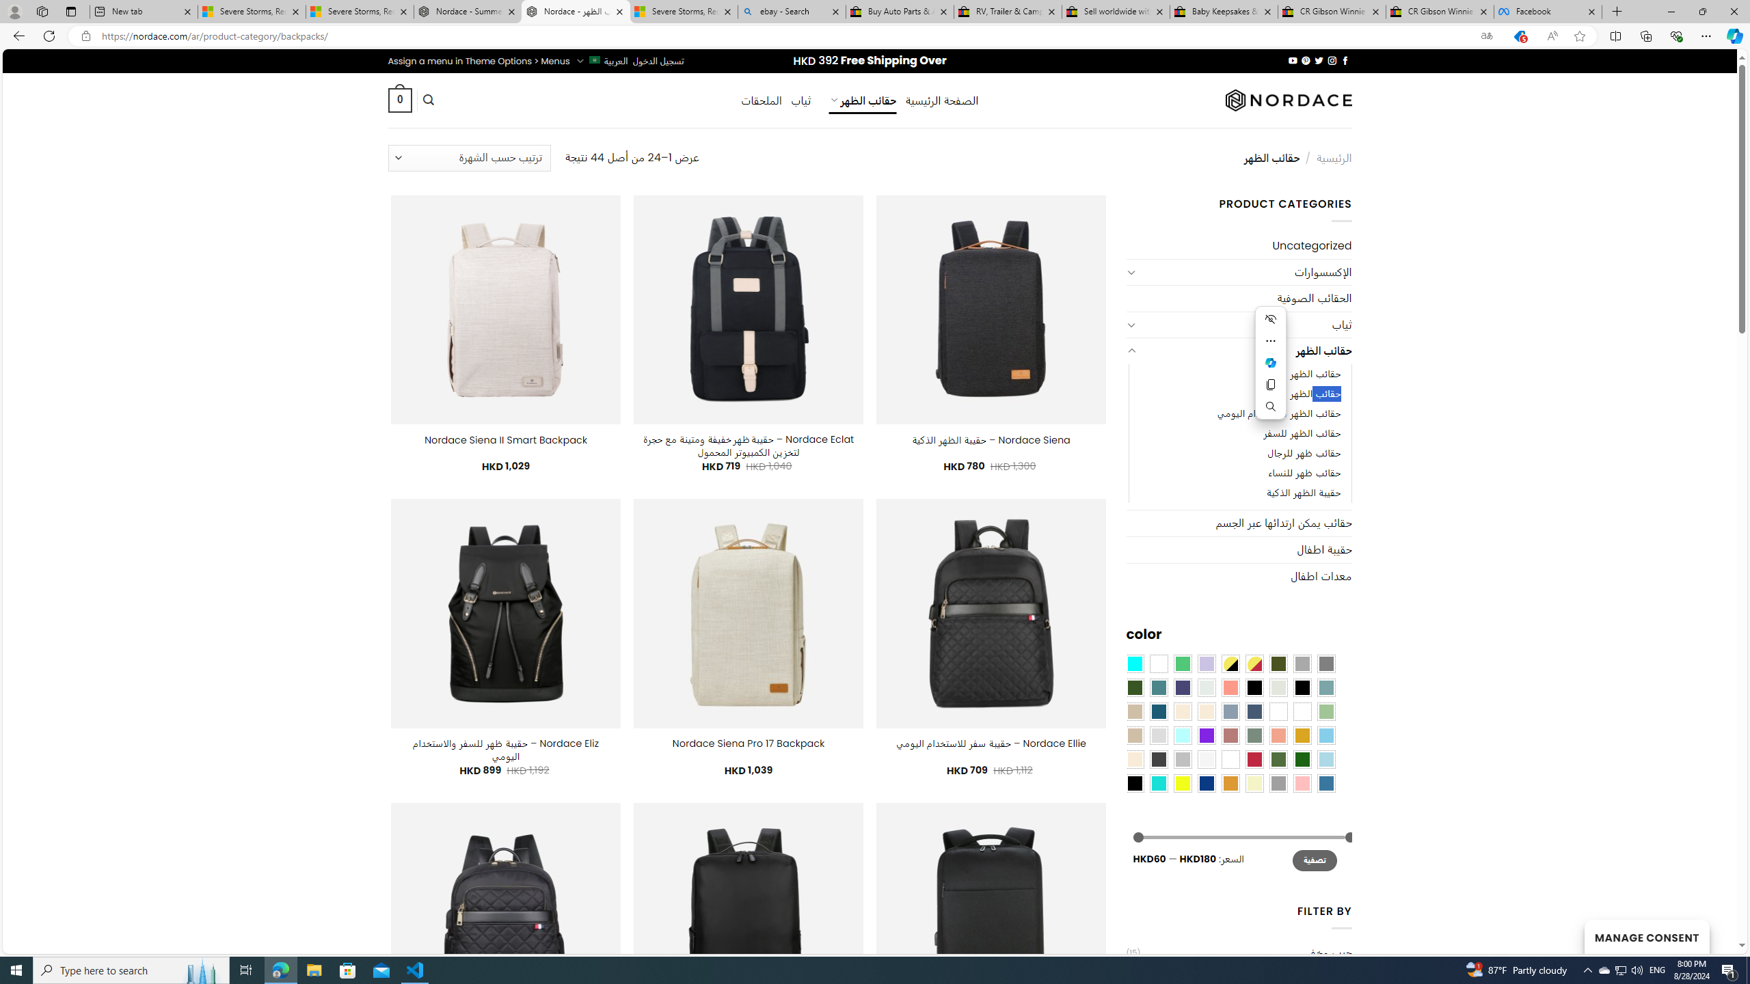  I want to click on 'Follow on Facebook', so click(1344, 60).